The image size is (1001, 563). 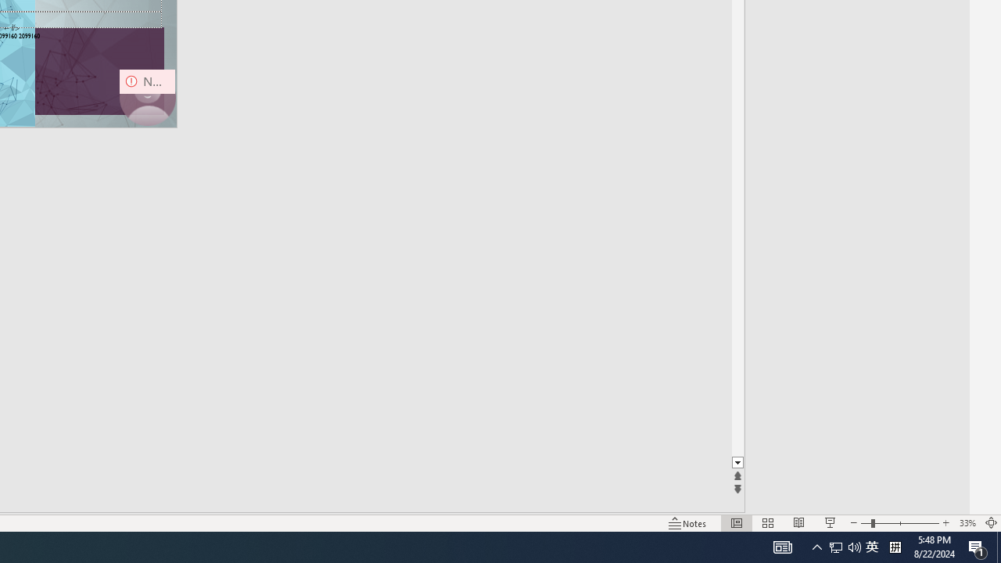 What do you see at coordinates (768, 523) in the screenshot?
I see `'Slide Sorter'` at bounding box center [768, 523].